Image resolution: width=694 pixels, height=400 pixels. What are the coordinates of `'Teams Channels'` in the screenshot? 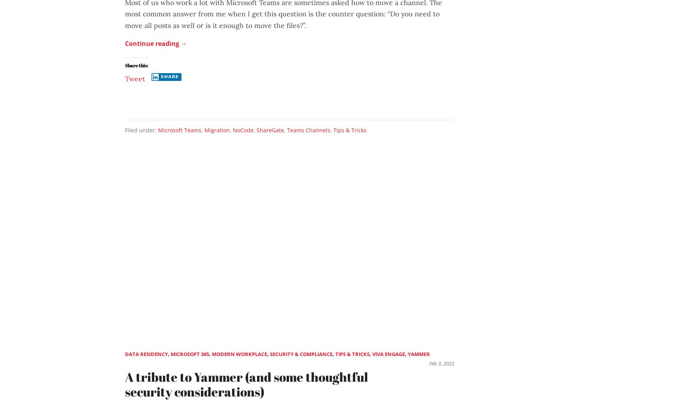 It's located at (308, 129).